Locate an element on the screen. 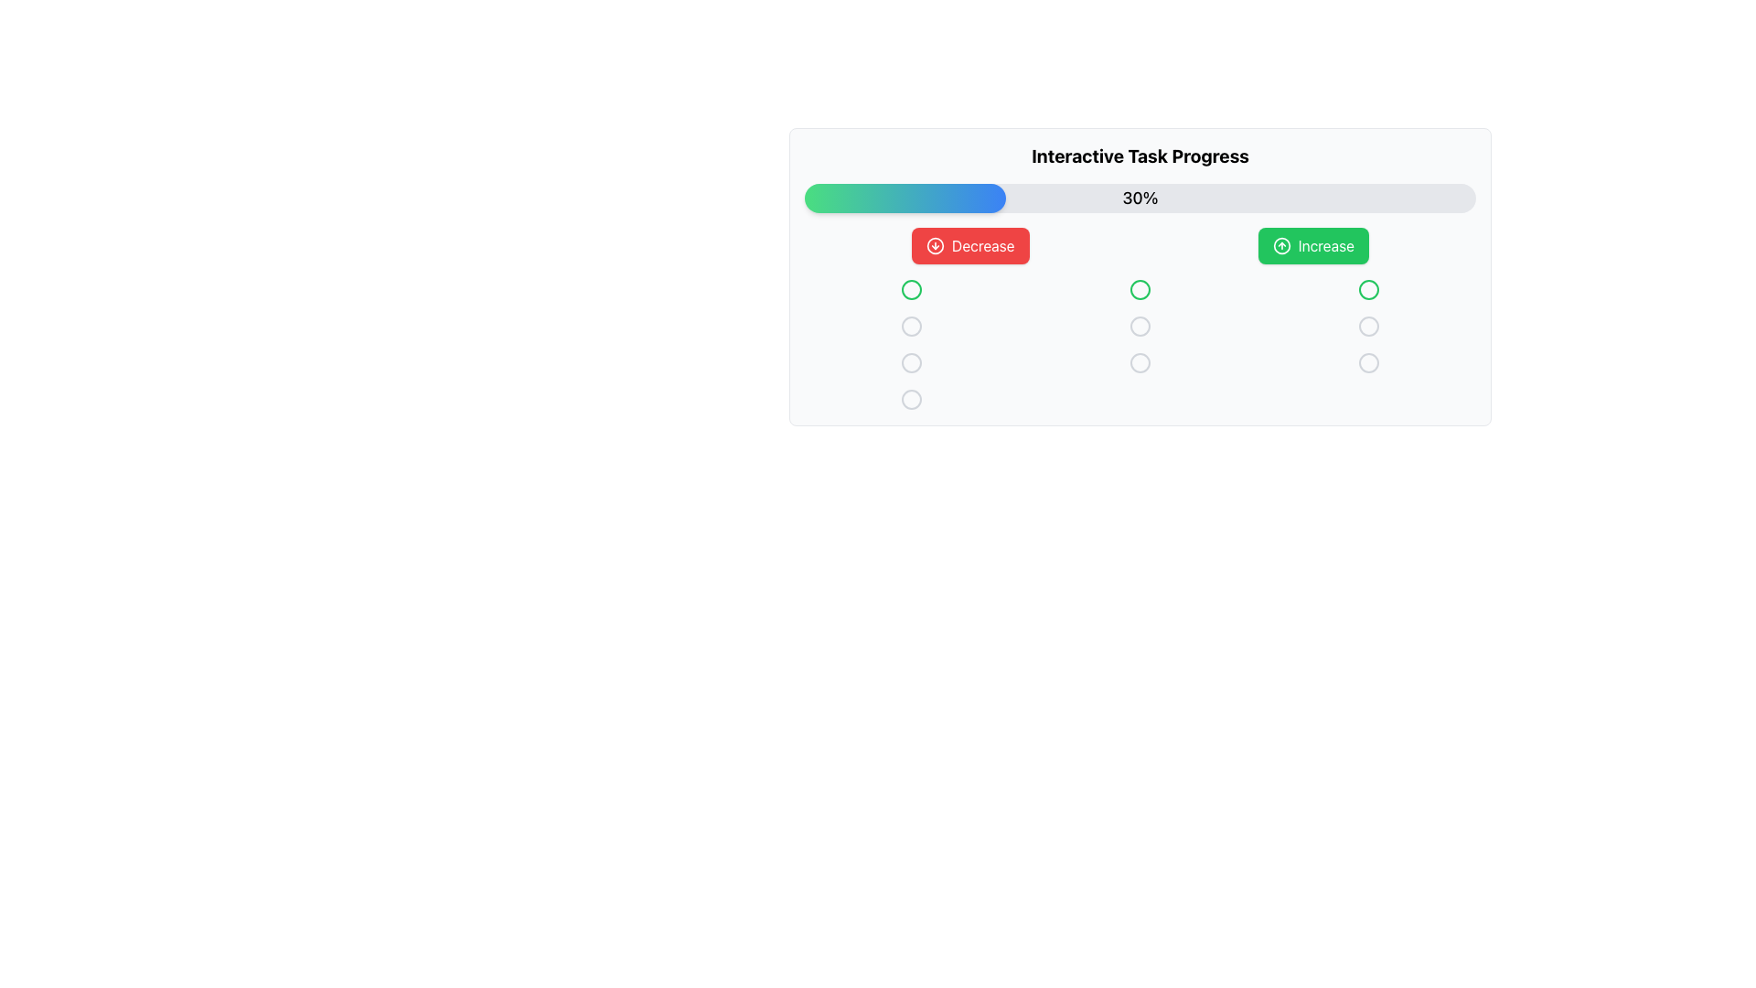 This screenshot has width=1756, height=988. the Circular SVG icon located in the first column of the third row of a grid layout, which is under a progress bar and two buttons labeled 'Decrease' and 'Increase', to possibly select or interact with it is located at coordinates (912, 363).